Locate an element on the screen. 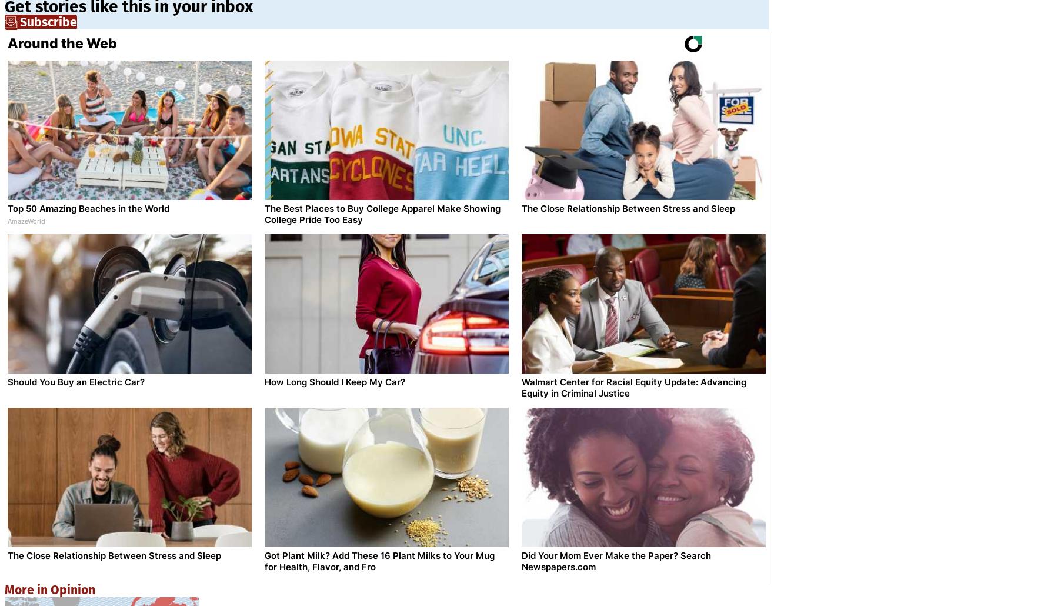 The width and height of the screenshot is (1041, 606). 'More in' is located at coordinates (27, 588).